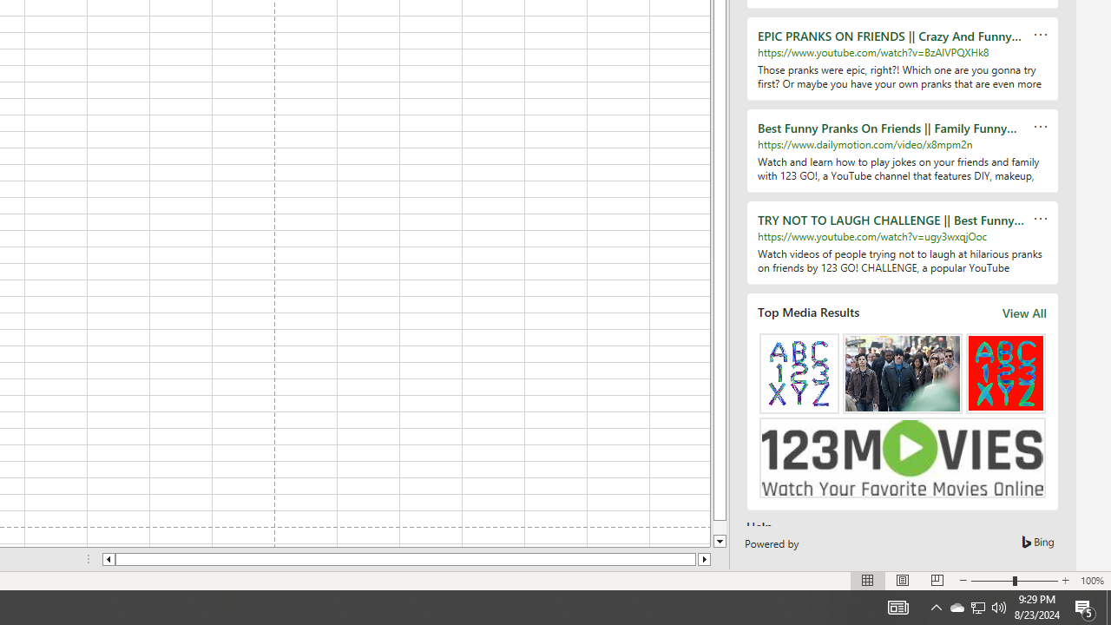 The image size is (1111, 625). What do you see at coordinates (936, 581) in the screenshot?
I see `'Page Break Preview'` at bounding box center [936, 581].